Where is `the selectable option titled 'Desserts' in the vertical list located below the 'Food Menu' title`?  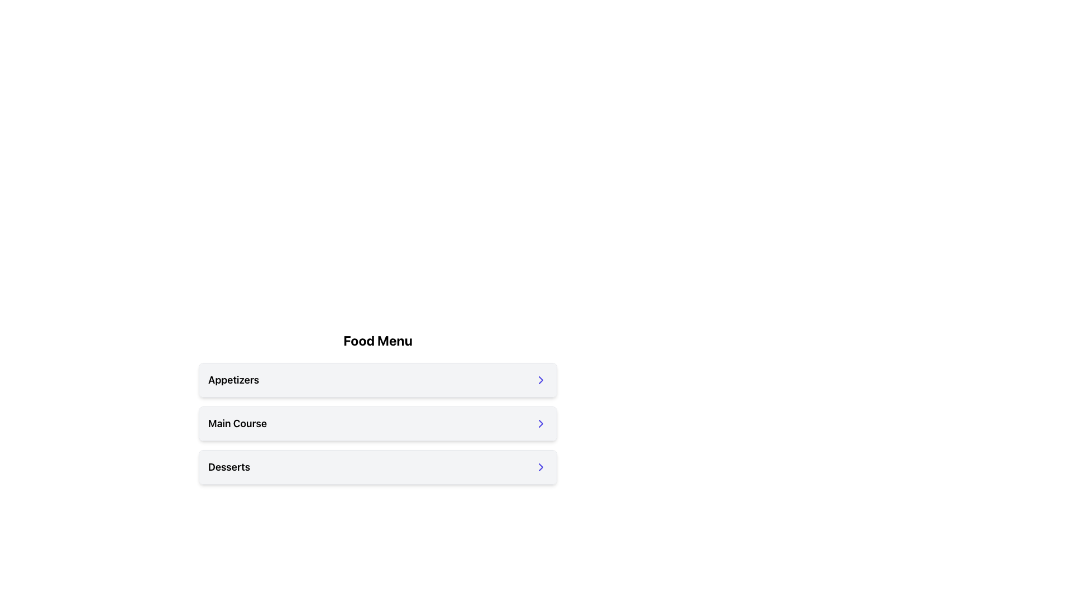 the selectable option titled 'Desserts' in the vertical list located below the 'Food Menu' title is located at coordinates (377, 467).